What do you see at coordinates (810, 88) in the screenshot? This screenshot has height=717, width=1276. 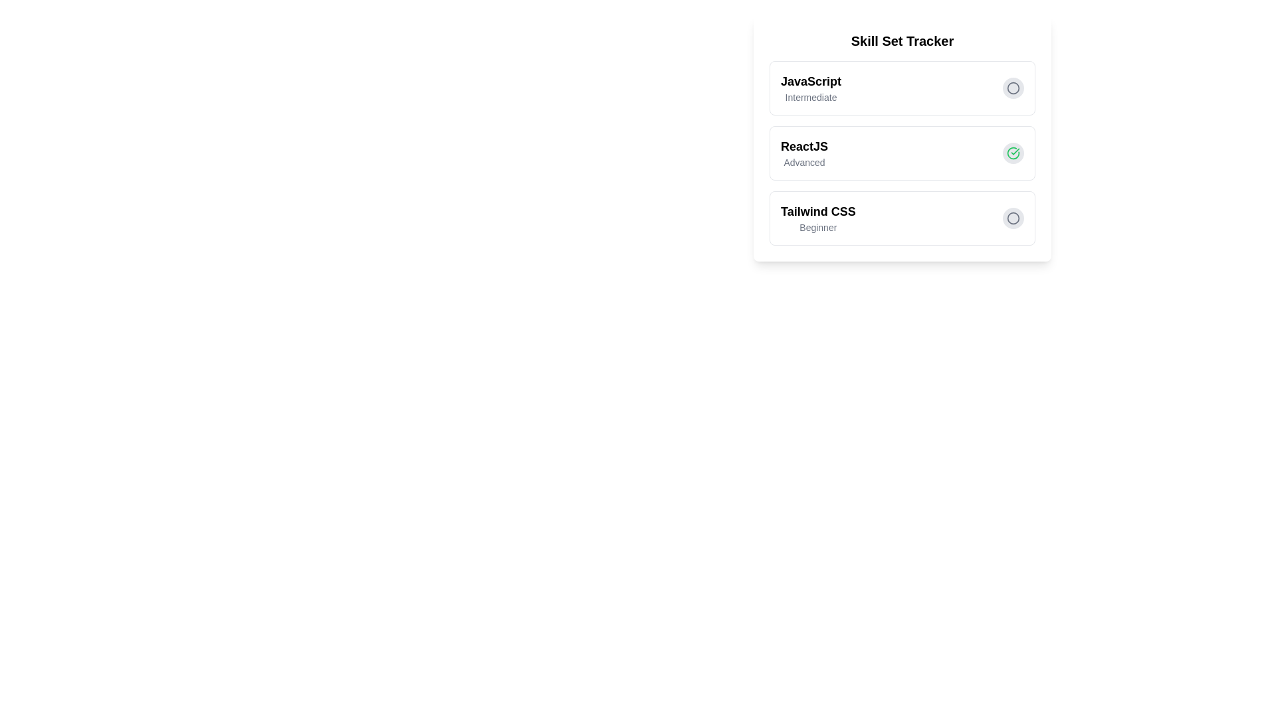 I see `the 'JavaScript' text label displaying proficiency level 'Intermediate' in the 'Skill Set Tracker'` at bounding box center [810, 88].